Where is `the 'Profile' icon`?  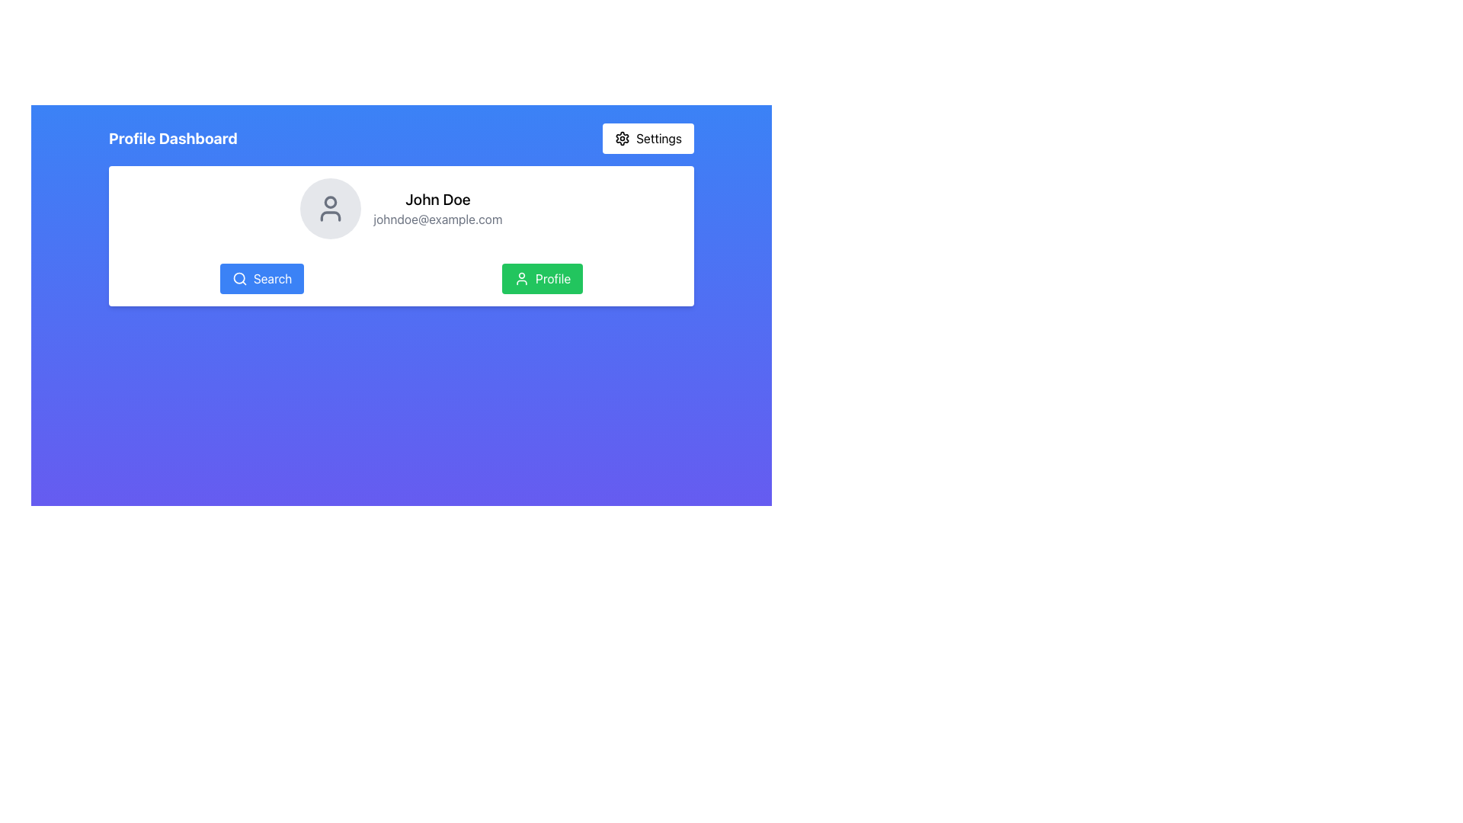
the 'Profile' icon is located at coordinates (521, 279).